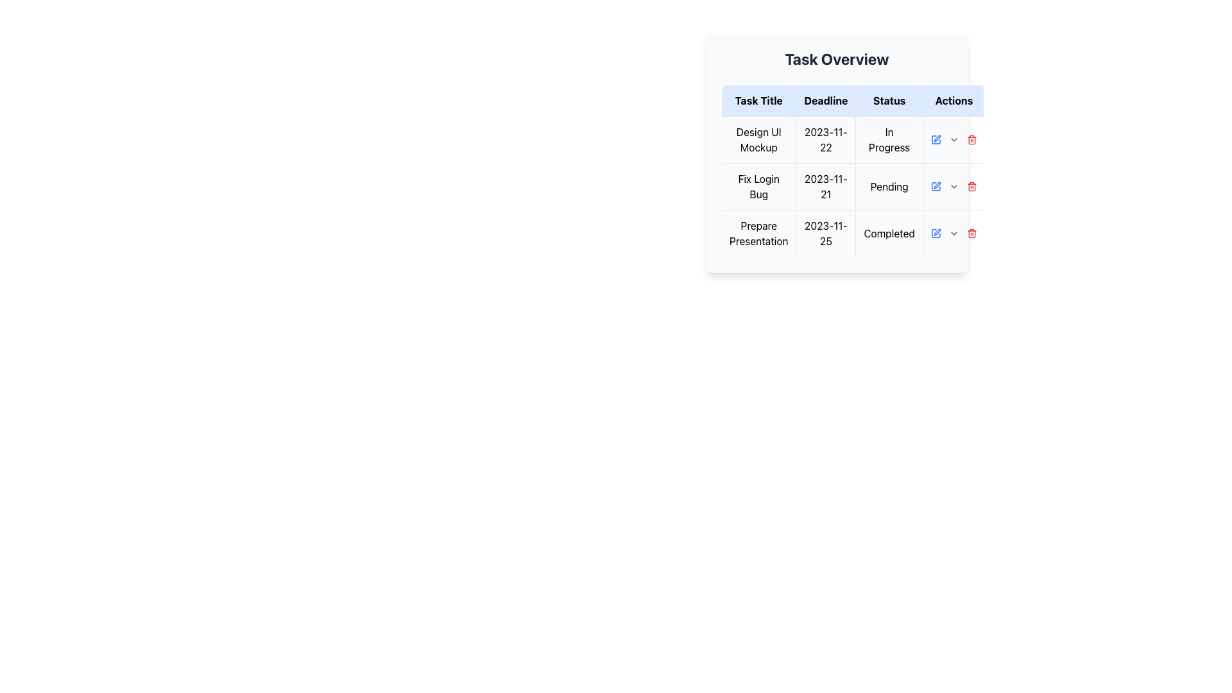 This screenshot has width=1232, height=693. I want to click on the cell in the 'Actions' column of the first row, which contains icons for user actions, to interact with them, so click(954, 140).